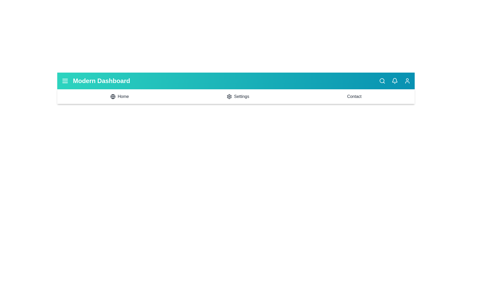 The image size is (502, 282). Describe the element at coordinates (382, 81) in the screenshot. I see `the search icon to initiate a search` at that location.